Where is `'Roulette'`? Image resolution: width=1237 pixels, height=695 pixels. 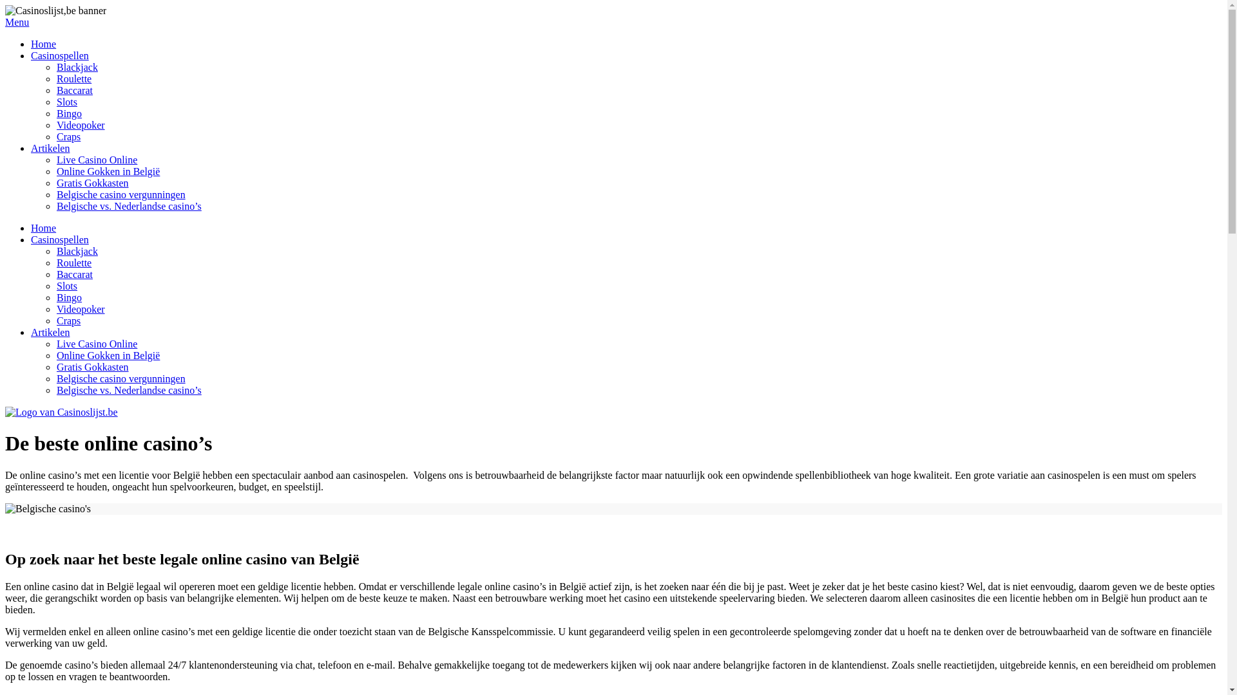
'Roulette' is located at coordinates (55, 79).